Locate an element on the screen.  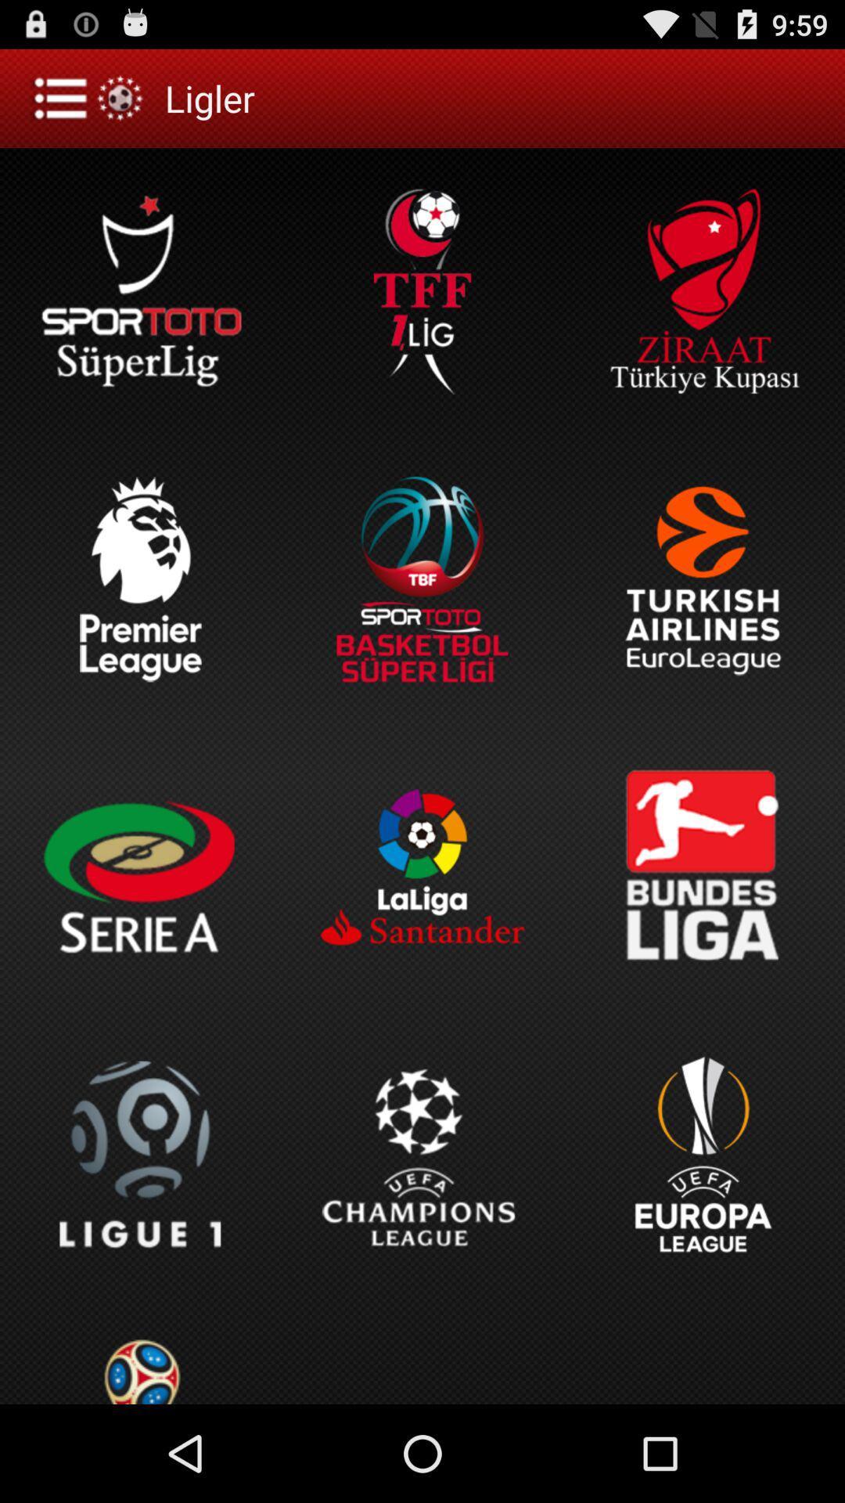
the first option in the fourth row is located at coordinates (141, 1155).